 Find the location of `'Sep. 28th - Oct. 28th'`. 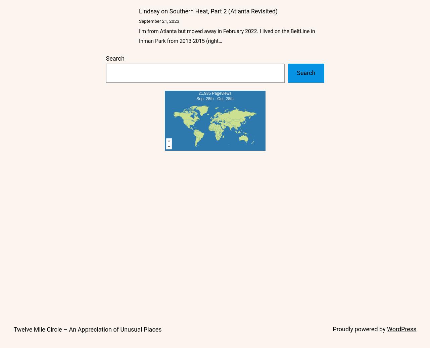

'Sep. 28th - Oct. 28th' is located at coordinates (214, 98).